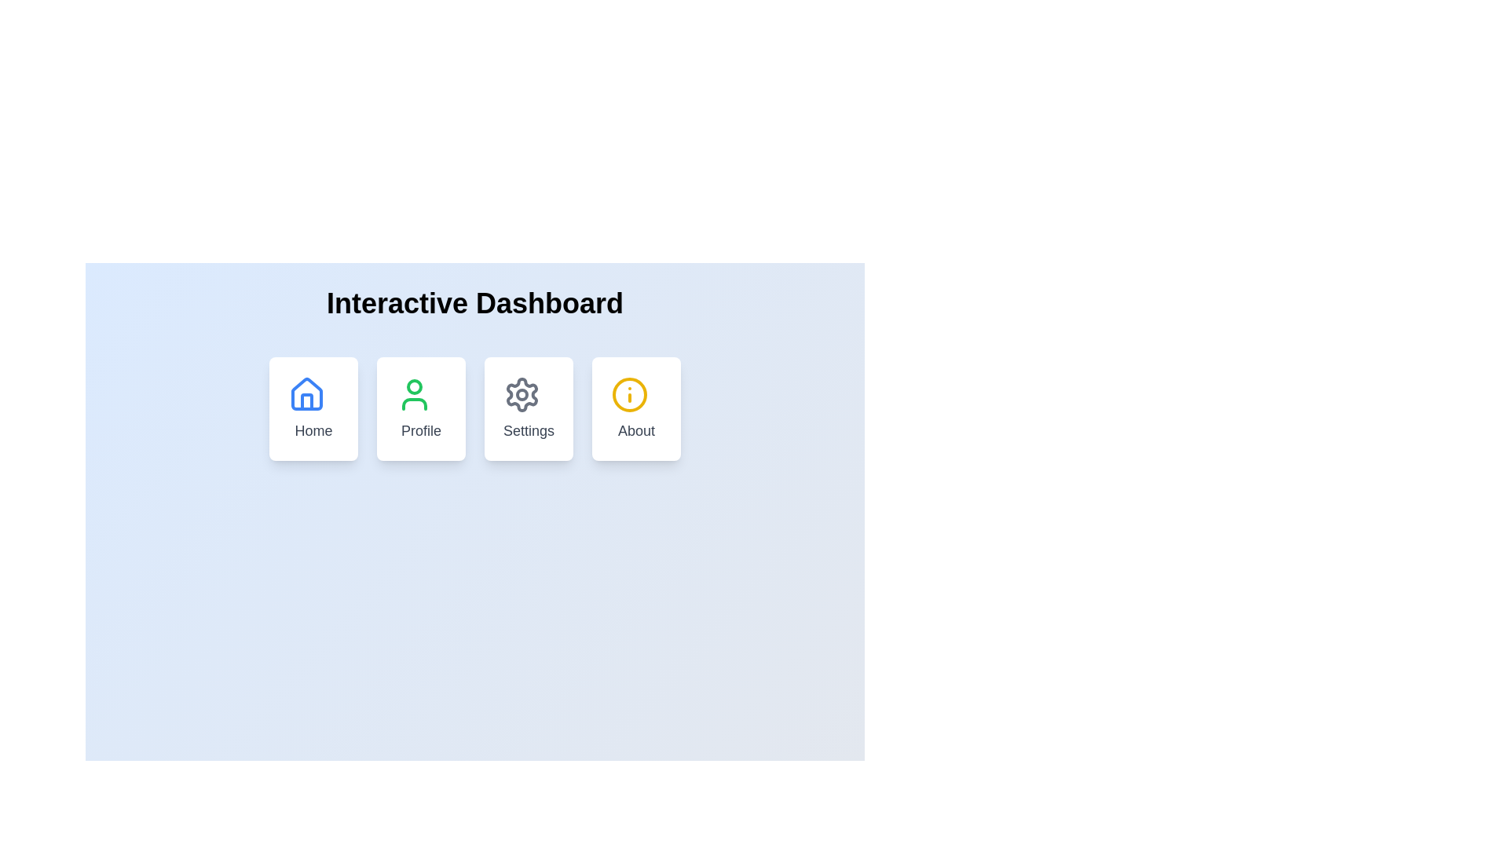 The height and width of the screenshot is (848, 1508). What do you see at coordinates (636, 408) in the screenshot?
I see `the 'About' button, which is a rounded rectangular button with a white background and a yellow circular information icon, located in the 'Interactive Dashboard' section` at bounding box center [636, 408].